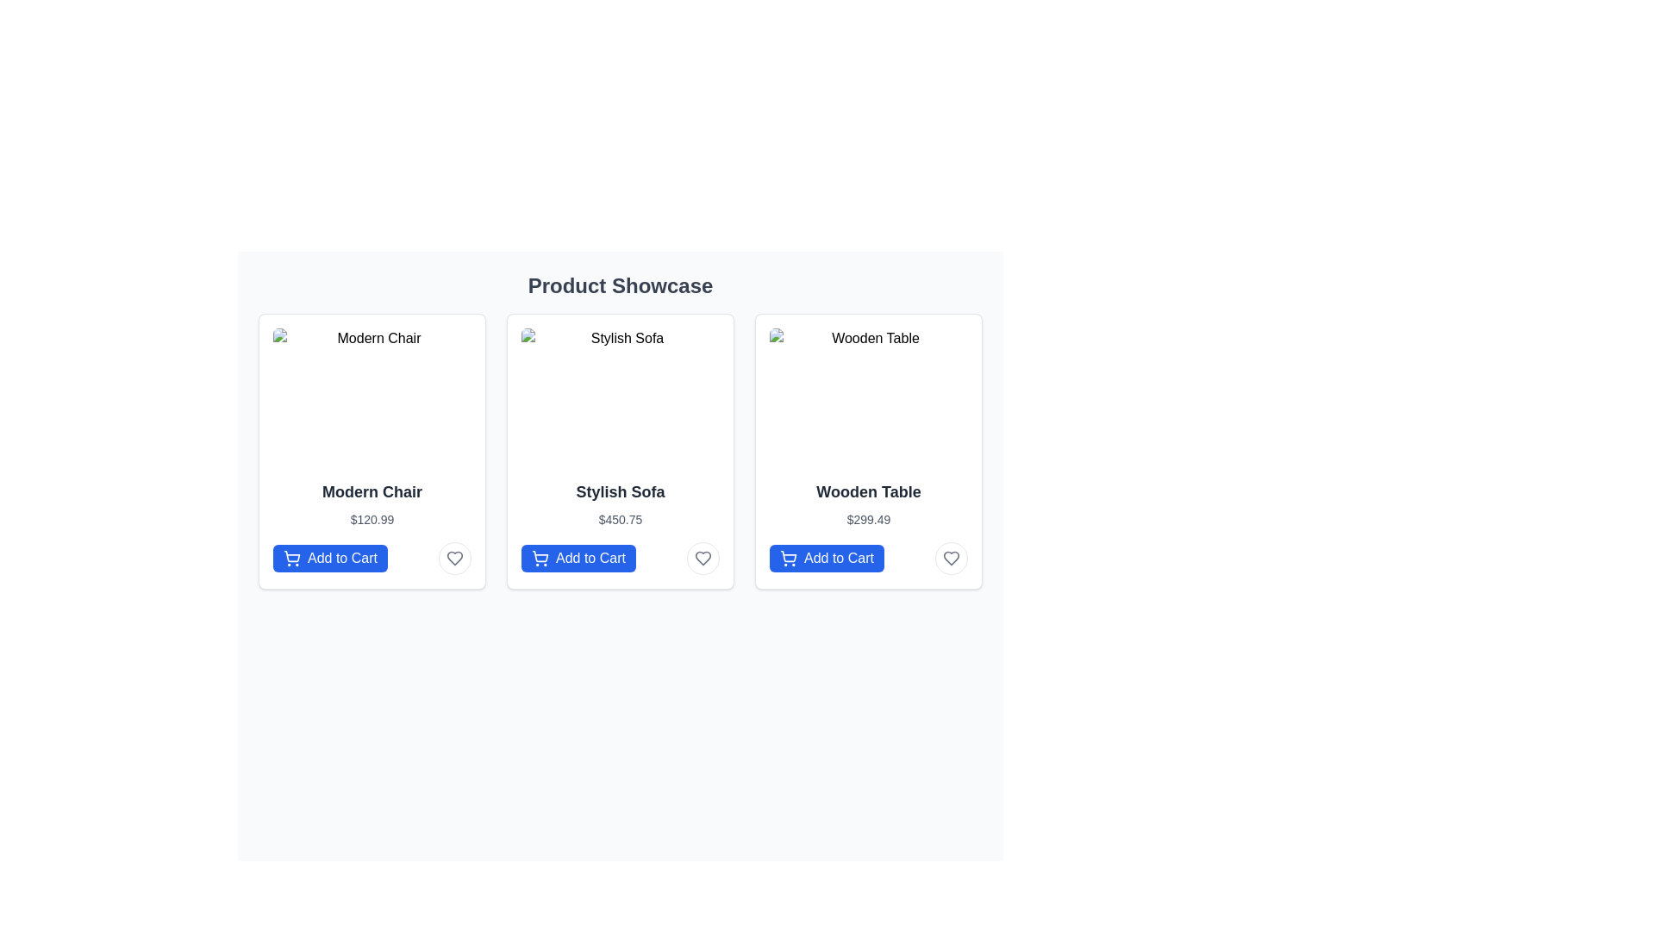  Describe the element at coordinates (455, 559) in the screenshot. I see `the heart-shaped icon in the bottom-right corner of the 'Modern Chair' product card to favorite the item` at that location.